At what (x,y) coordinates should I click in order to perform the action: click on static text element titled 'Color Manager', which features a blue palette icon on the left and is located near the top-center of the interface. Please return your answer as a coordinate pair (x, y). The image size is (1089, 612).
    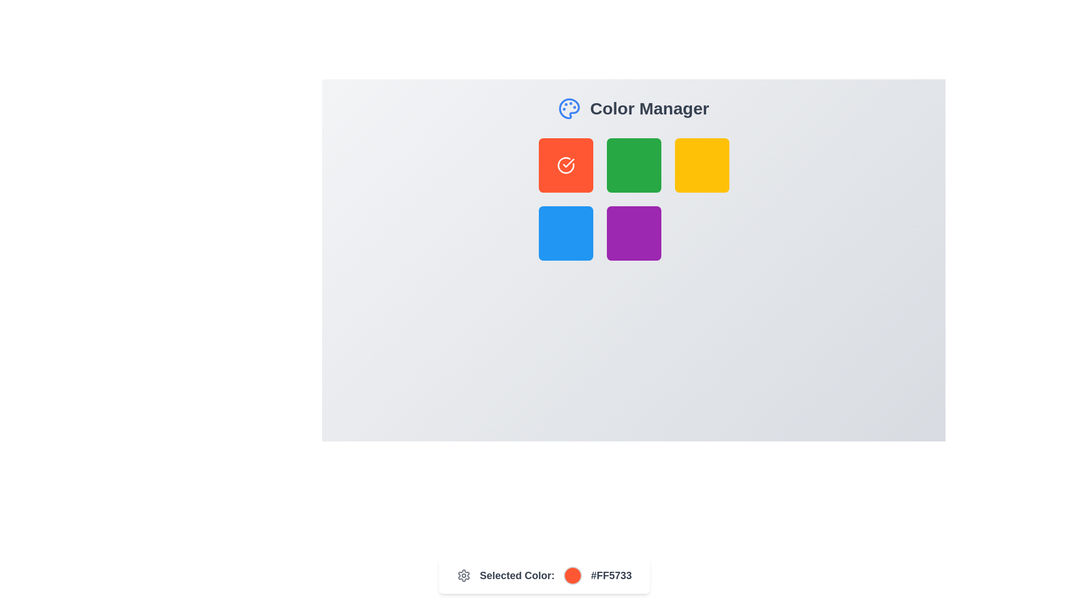
    Looking at the image, I should click on (633, 109).